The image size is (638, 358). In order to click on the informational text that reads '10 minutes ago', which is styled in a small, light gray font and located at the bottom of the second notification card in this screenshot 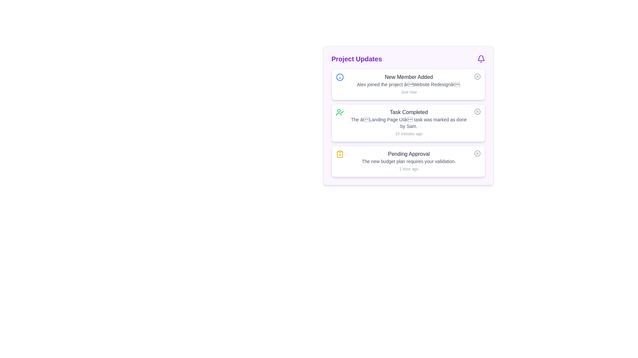, I will do `click(408, 134)`.